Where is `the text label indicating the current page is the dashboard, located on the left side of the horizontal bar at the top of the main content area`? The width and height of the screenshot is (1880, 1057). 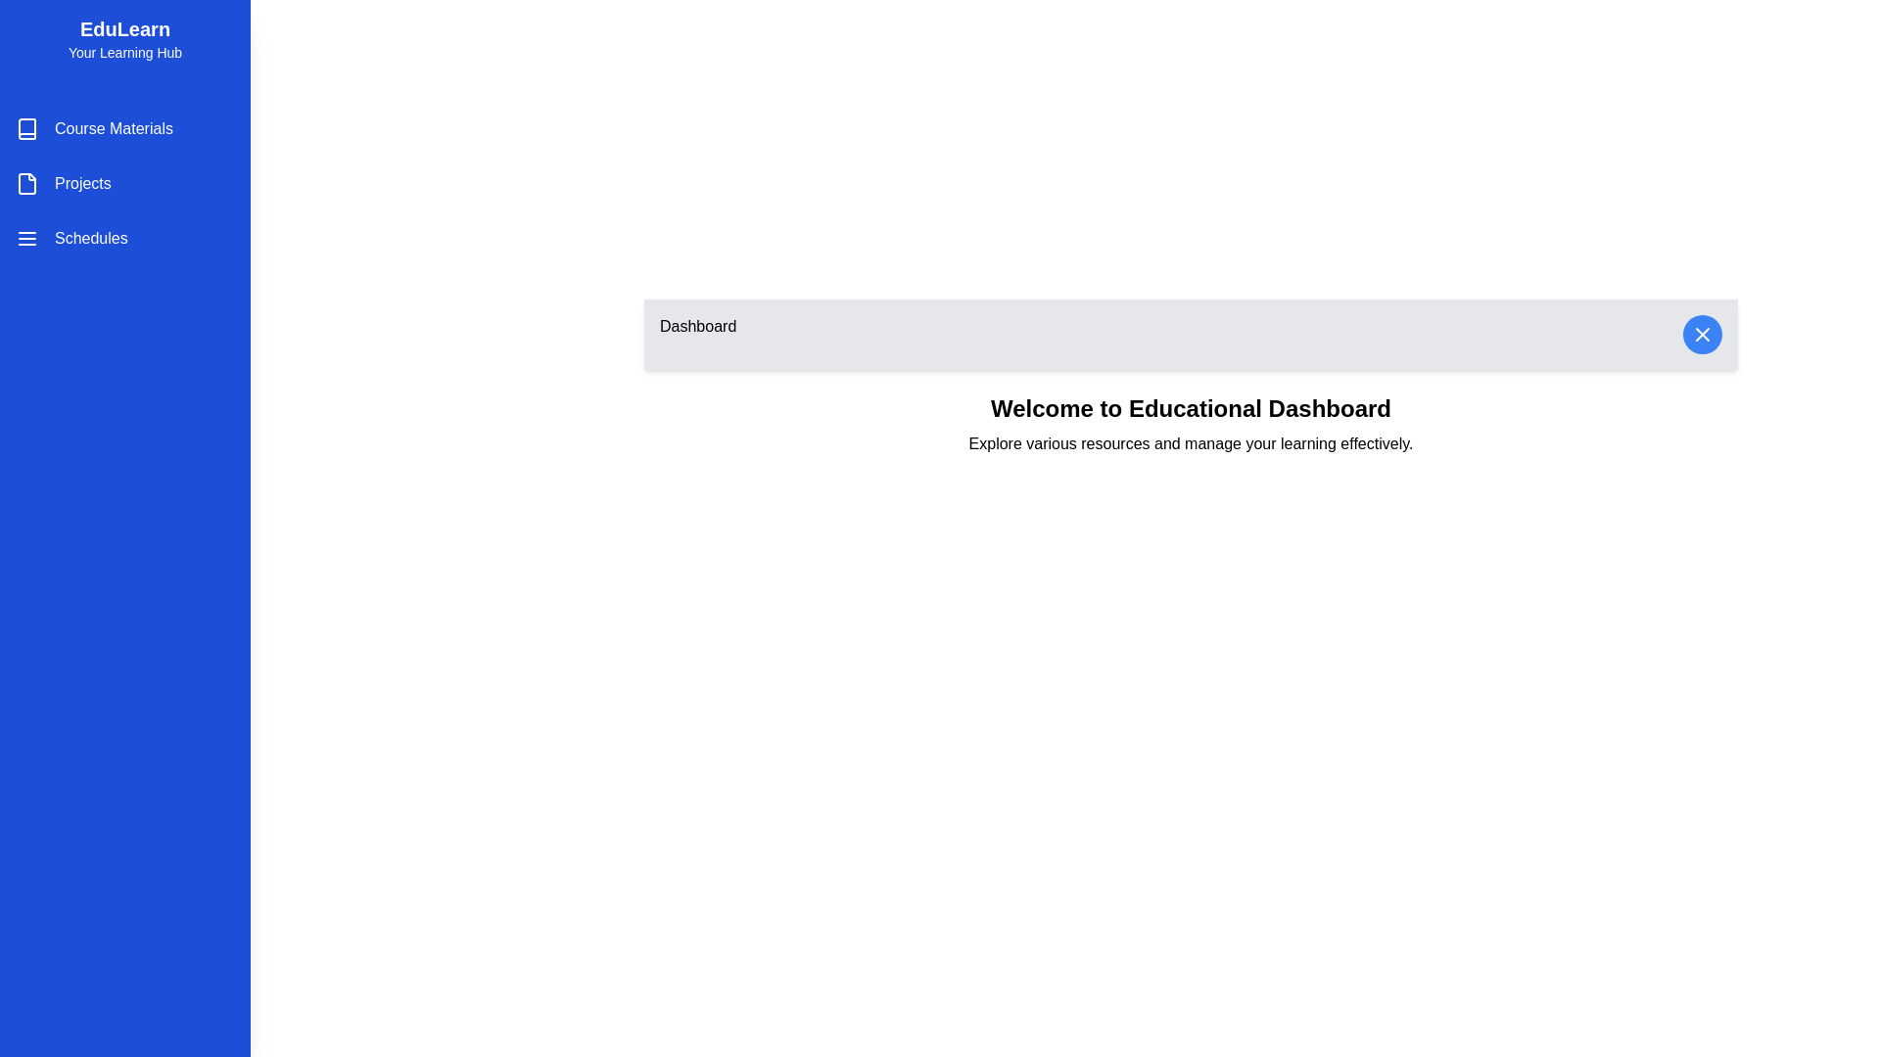
the text label indicating the current page is the dashboard, located on the left side of the horizontal bar at the top of the main content area is located at coordinates (698, 334).